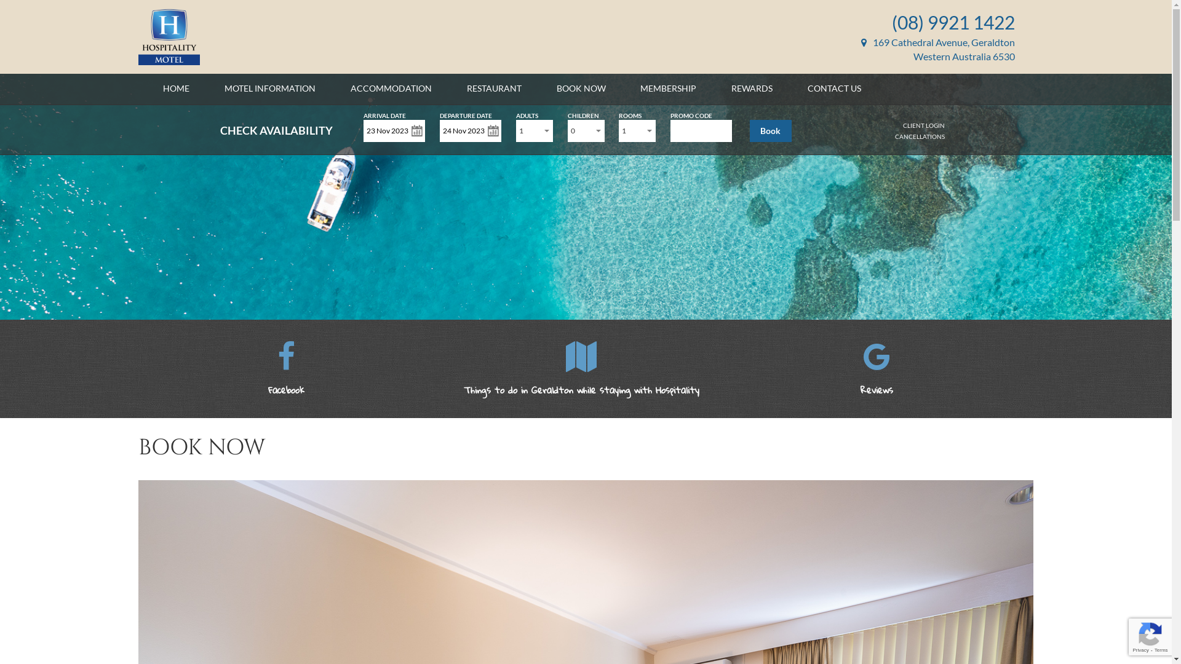 The width and height of the screenshot is (1181, 664). Describe the element at coordinates (903, 125) in the screenshot. I see `'CLIENT LOGIN'` at that location.